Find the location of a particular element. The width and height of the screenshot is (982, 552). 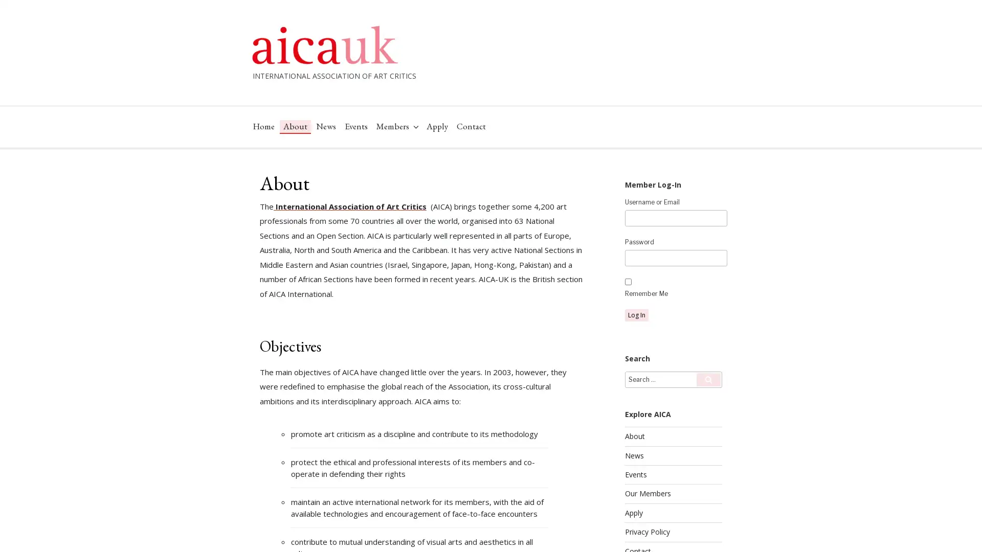

Log In is located at coordinates (636, 315).